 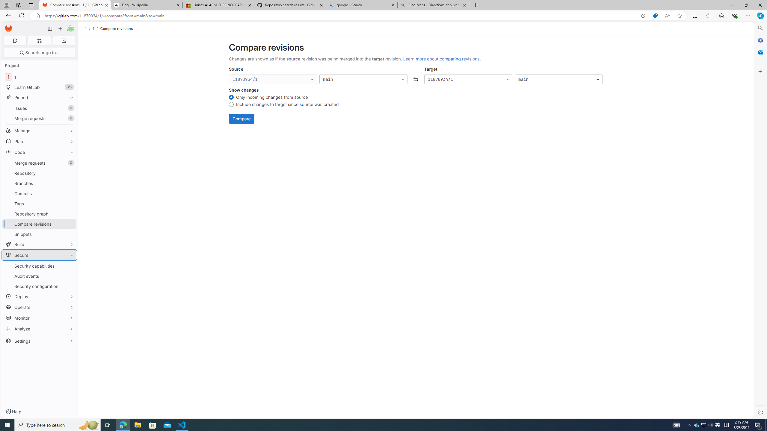 What do you see at coordinates (39, 87) in the screenshot?
I see `'Learn GitLab8%'` at bounding box center [39, 87].